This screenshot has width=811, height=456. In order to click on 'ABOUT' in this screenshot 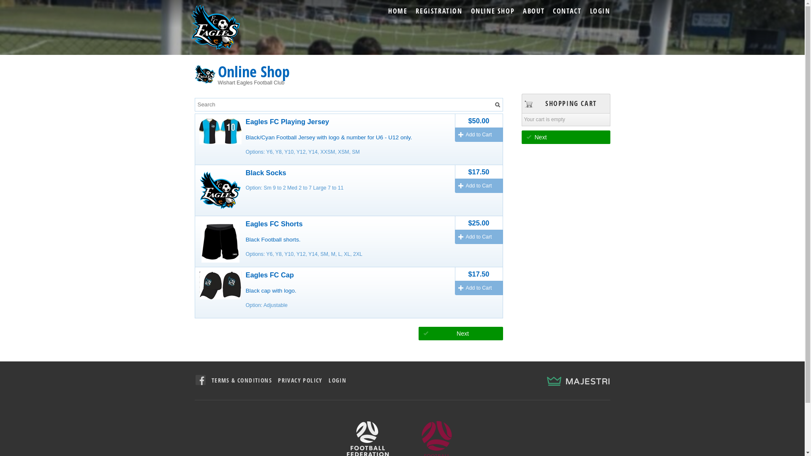, I will do `click(533, 11)`.